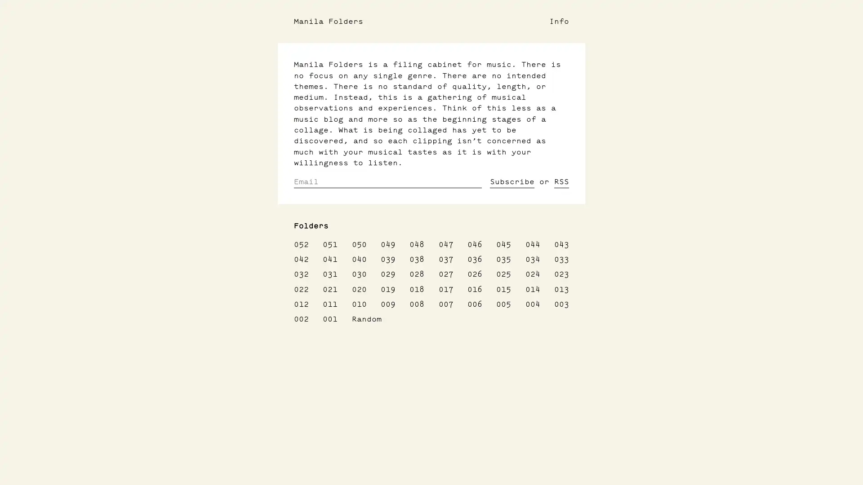  Describe the element at coordinates (512, 182) in the screenshot. I see `Subscribe` at that location.